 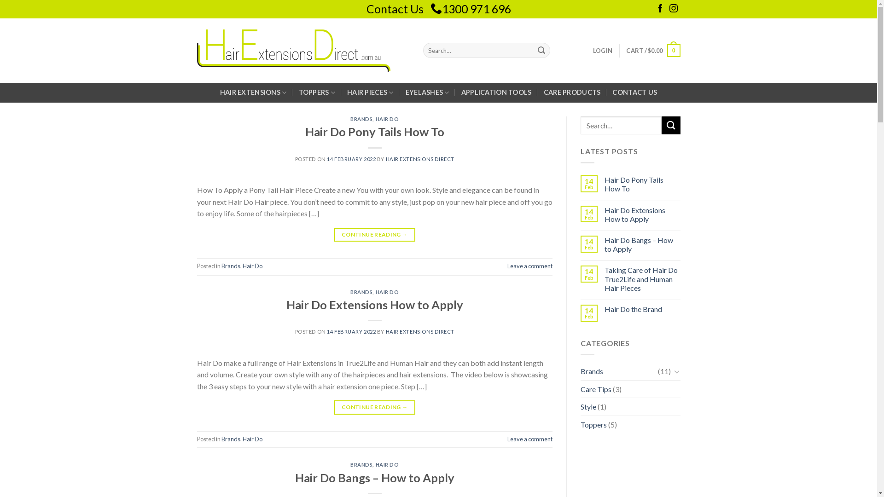 What do you see at coordinates (496, 92) in the screenshot?
I see `'APPLICATION TOOLS'` at bounding box center [496, 92].